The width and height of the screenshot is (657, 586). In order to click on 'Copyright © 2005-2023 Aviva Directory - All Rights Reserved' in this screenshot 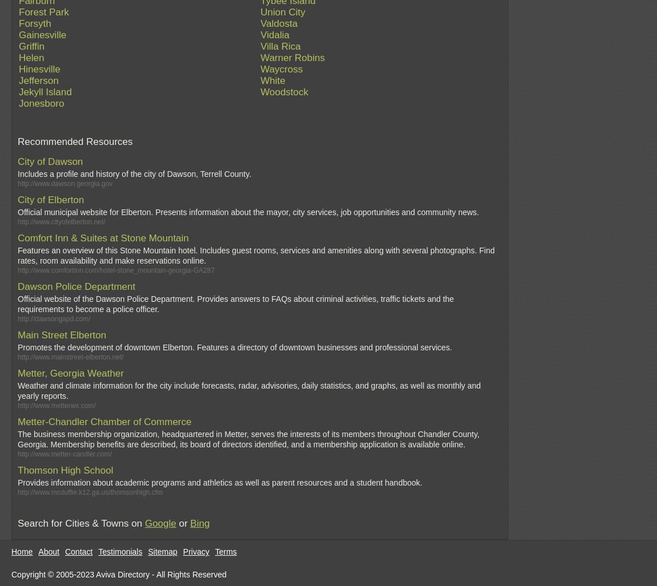, I will do `click(118, 573)`.